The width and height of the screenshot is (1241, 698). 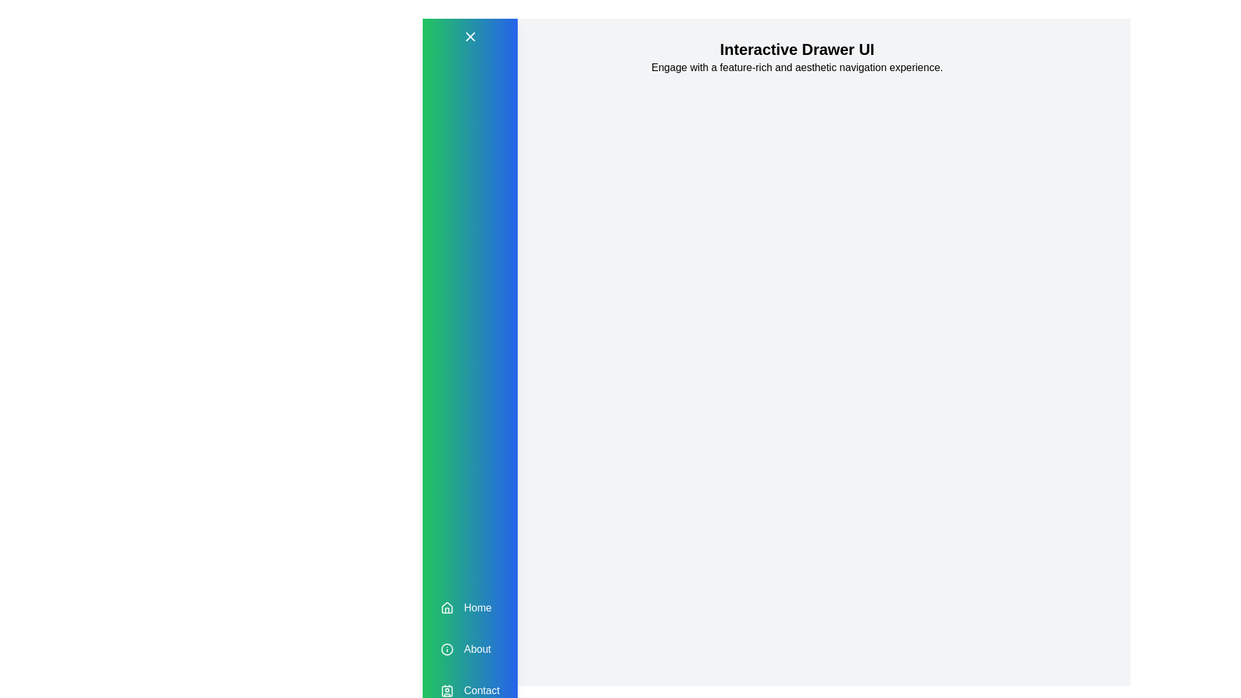 I want to click on the 'Home' menu item in the drawer, so click(x=469, y=608).